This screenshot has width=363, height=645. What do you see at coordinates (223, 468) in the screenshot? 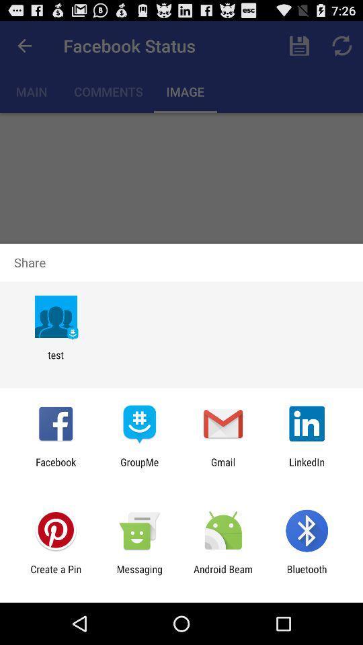
I see `app to the right of the groupme` at bounding box center [223, 468].